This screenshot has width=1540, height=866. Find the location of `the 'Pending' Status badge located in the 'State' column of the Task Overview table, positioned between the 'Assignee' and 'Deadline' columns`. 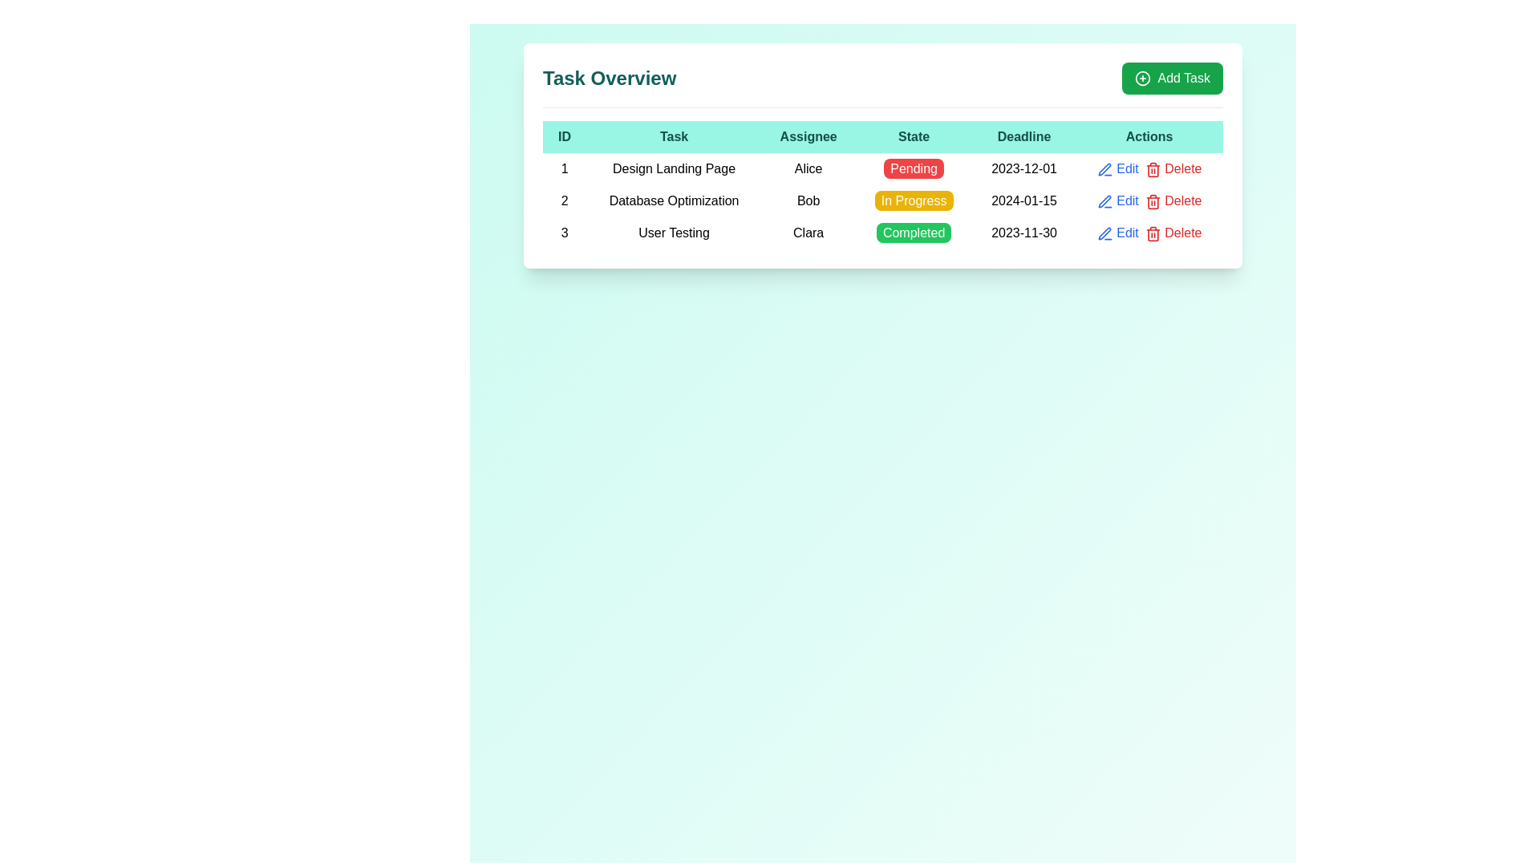

the 'Pending' Status badge located in the 'State' column of the Task Overview table, positioned between the 'Assignee' and 'Deadline' columns is located at coordinates (914, 168).